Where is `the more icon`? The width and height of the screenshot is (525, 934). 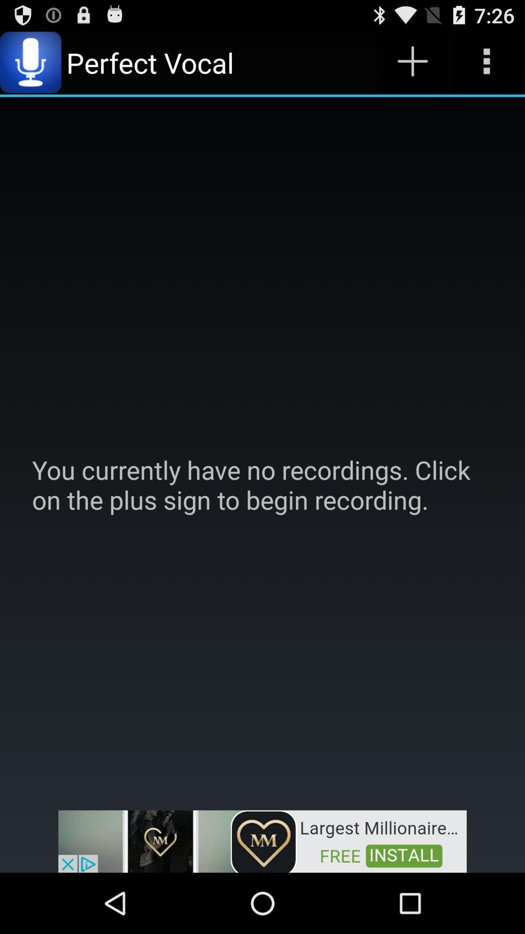
the more icon is located at coordinates (487, 66).